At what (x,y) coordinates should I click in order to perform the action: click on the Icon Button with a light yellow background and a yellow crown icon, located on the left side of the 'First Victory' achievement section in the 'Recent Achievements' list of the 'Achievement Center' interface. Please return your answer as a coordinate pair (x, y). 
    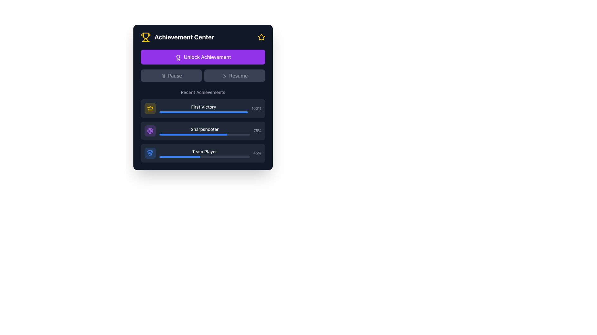
    Looking at the image, I should click on (150, 108).